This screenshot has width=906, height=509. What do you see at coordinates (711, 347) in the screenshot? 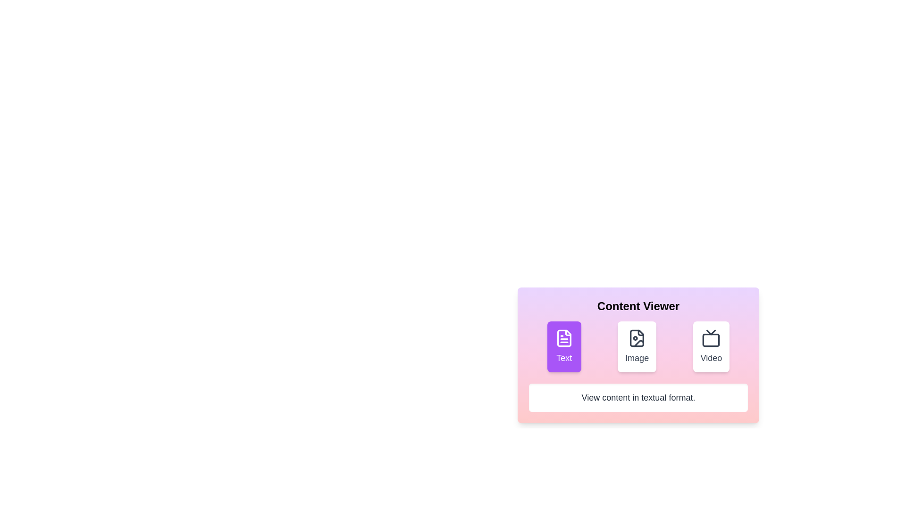
I see `the display mode by clicking on the corresponding button for Video` at bounding box center [711, 347].